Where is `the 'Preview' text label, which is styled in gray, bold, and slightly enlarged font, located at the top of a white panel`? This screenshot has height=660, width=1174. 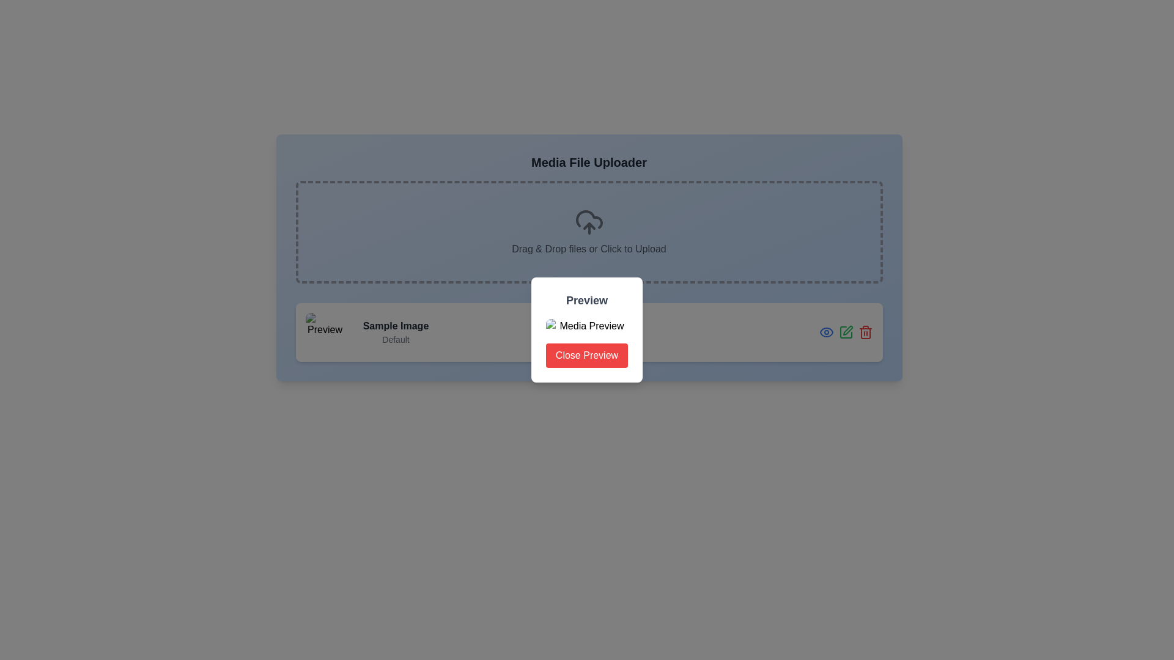 the 'Preview' text label, which is styled in gray, bold, and slightly enlarged font, located at the top of a white panel is located at coordinates (587, 301).